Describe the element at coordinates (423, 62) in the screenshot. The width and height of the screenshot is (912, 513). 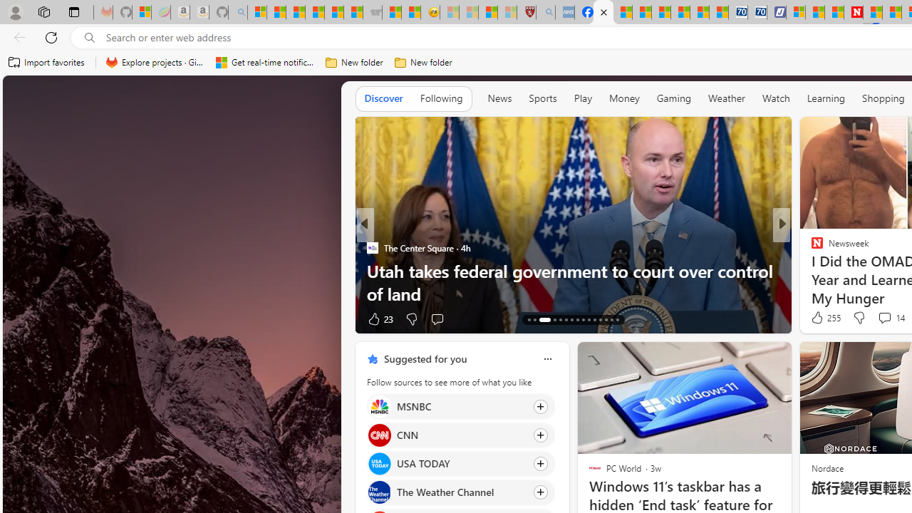
I see `'New folder'` at that location.